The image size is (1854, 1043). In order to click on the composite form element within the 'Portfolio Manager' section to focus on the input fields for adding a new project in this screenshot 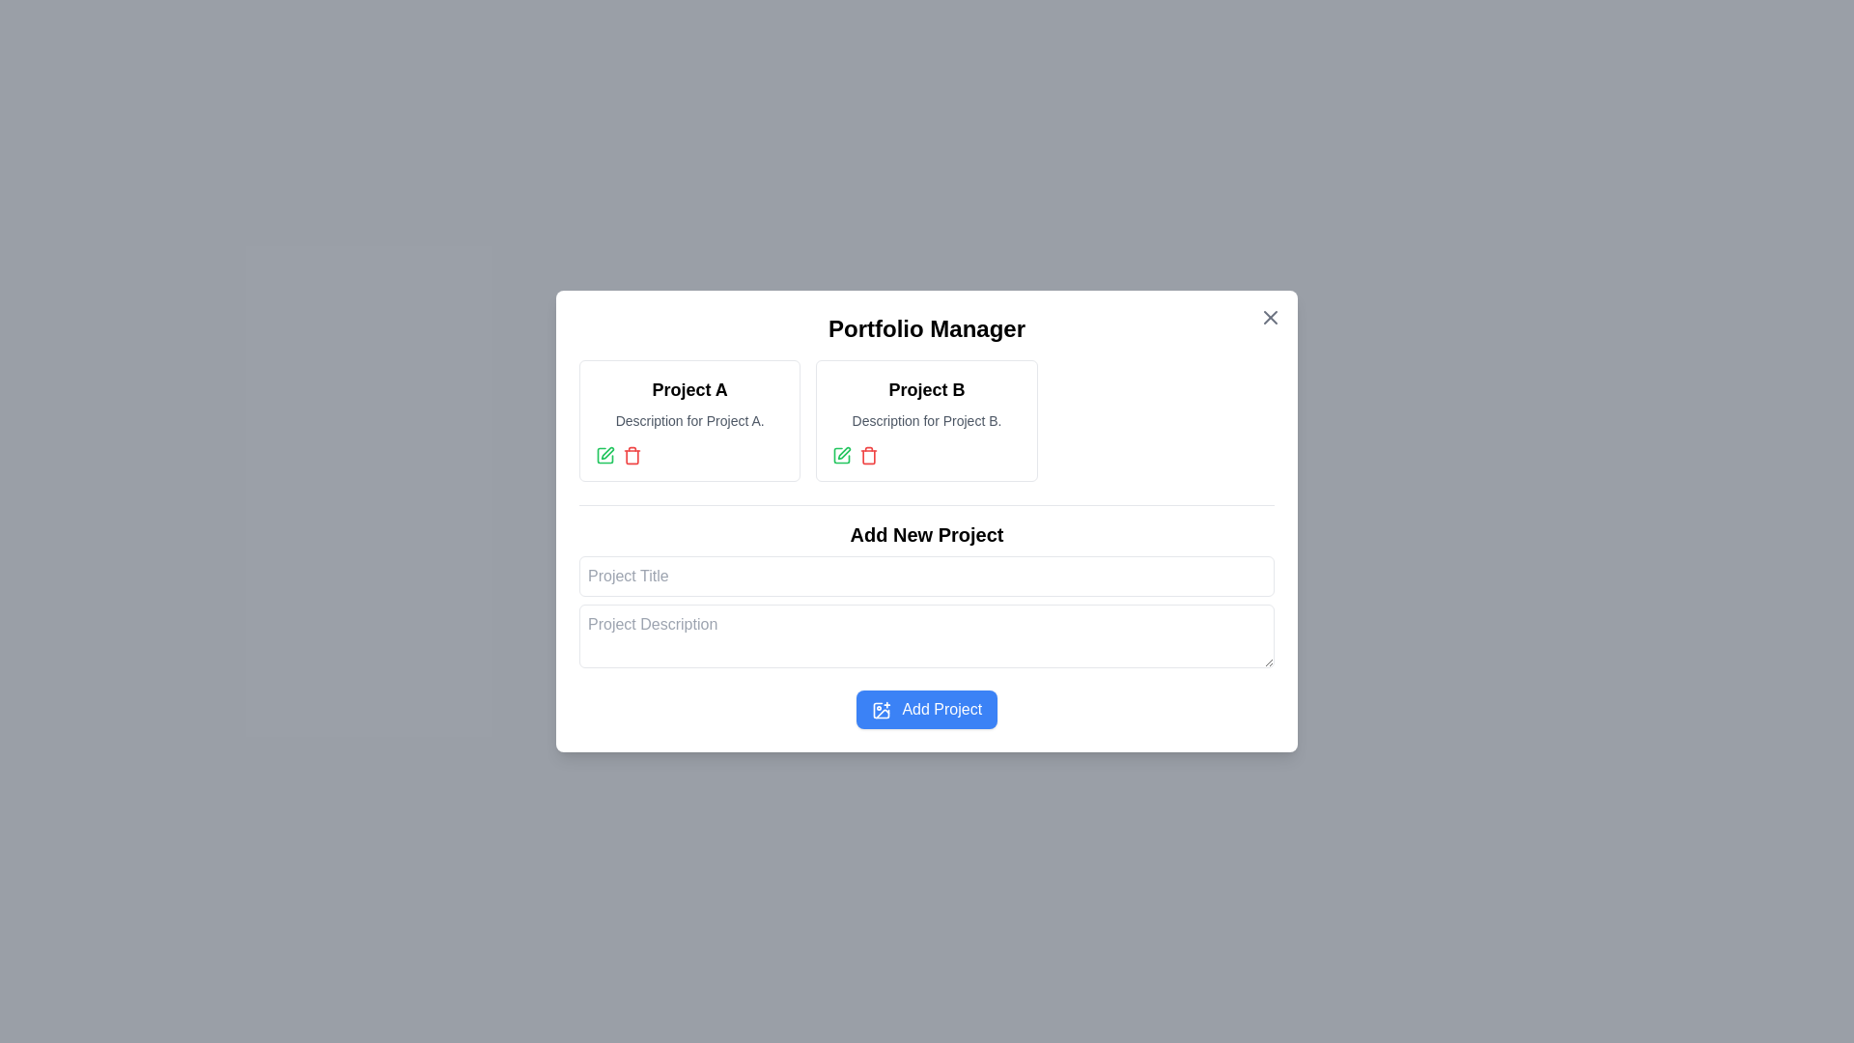, I will do `click(927, 617)`.